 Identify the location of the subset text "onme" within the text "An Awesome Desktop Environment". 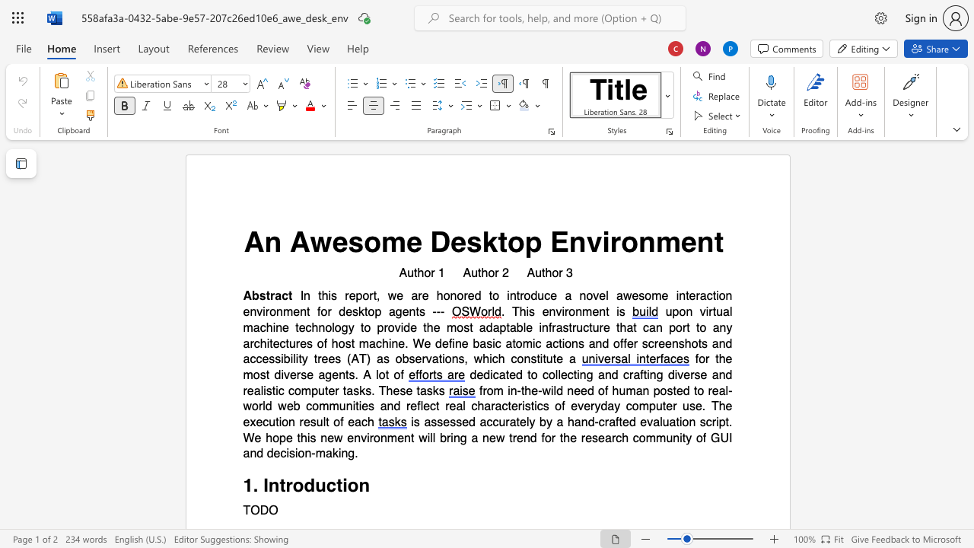
(621, 241).